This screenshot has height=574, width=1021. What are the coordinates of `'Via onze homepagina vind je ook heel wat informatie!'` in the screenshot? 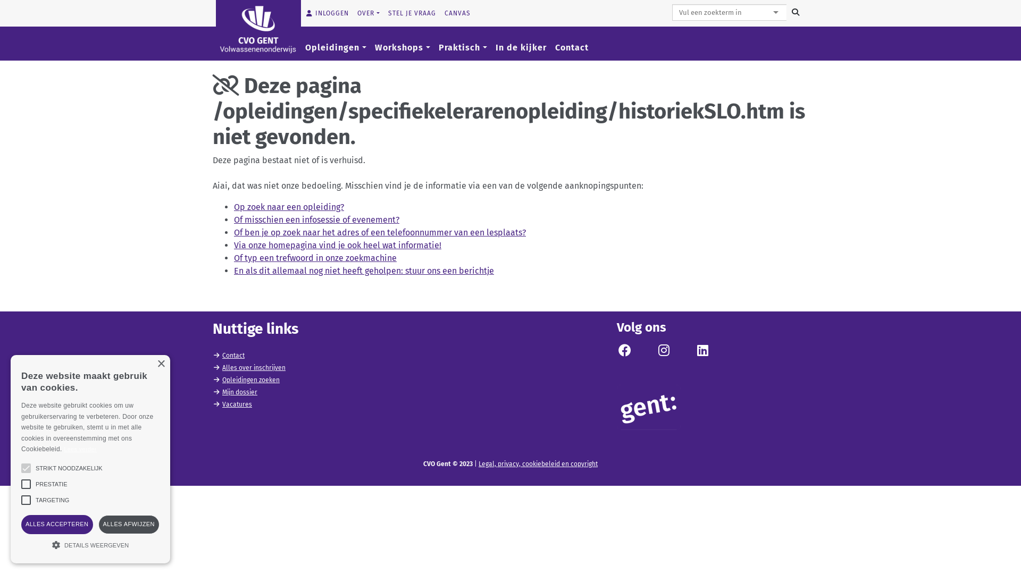 It's located at (337, 245).